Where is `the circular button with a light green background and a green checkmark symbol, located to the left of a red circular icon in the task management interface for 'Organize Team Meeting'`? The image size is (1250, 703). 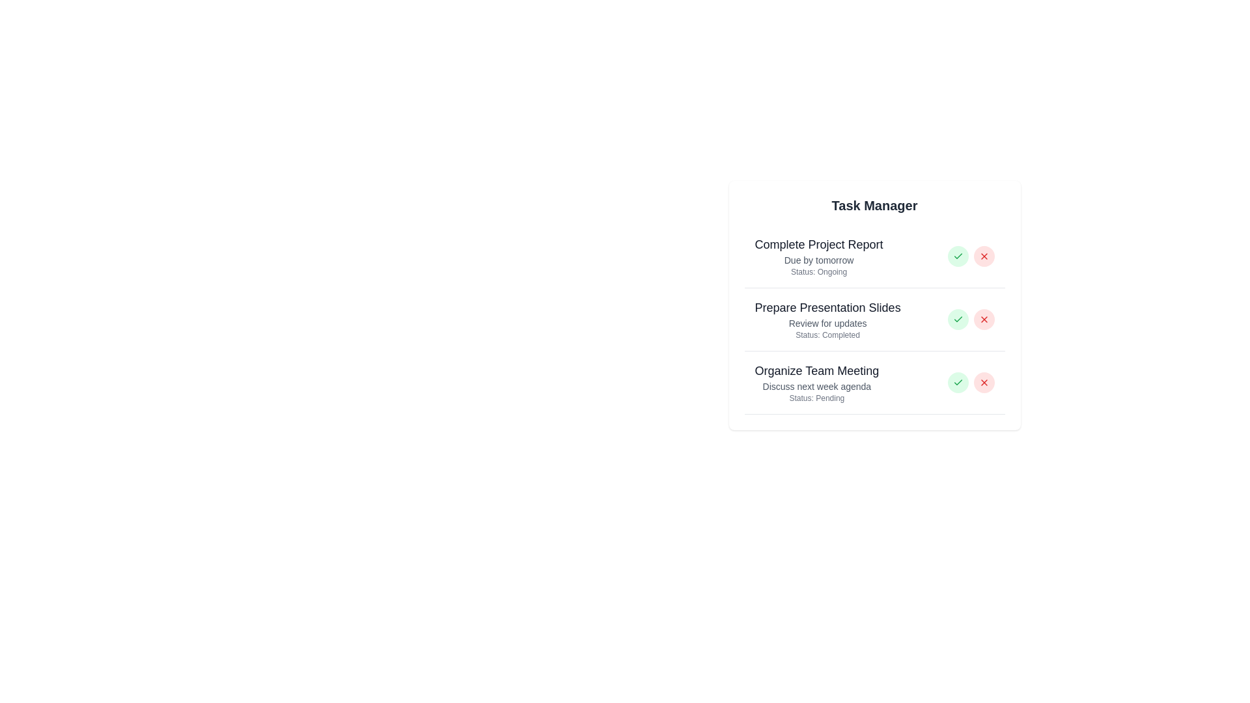 the circular button with a light green background and a green checkmark symbol, located to the left of a red circular icon in the task management interface for 'Organize Team Meeting' is located at coordinates (958, 381).